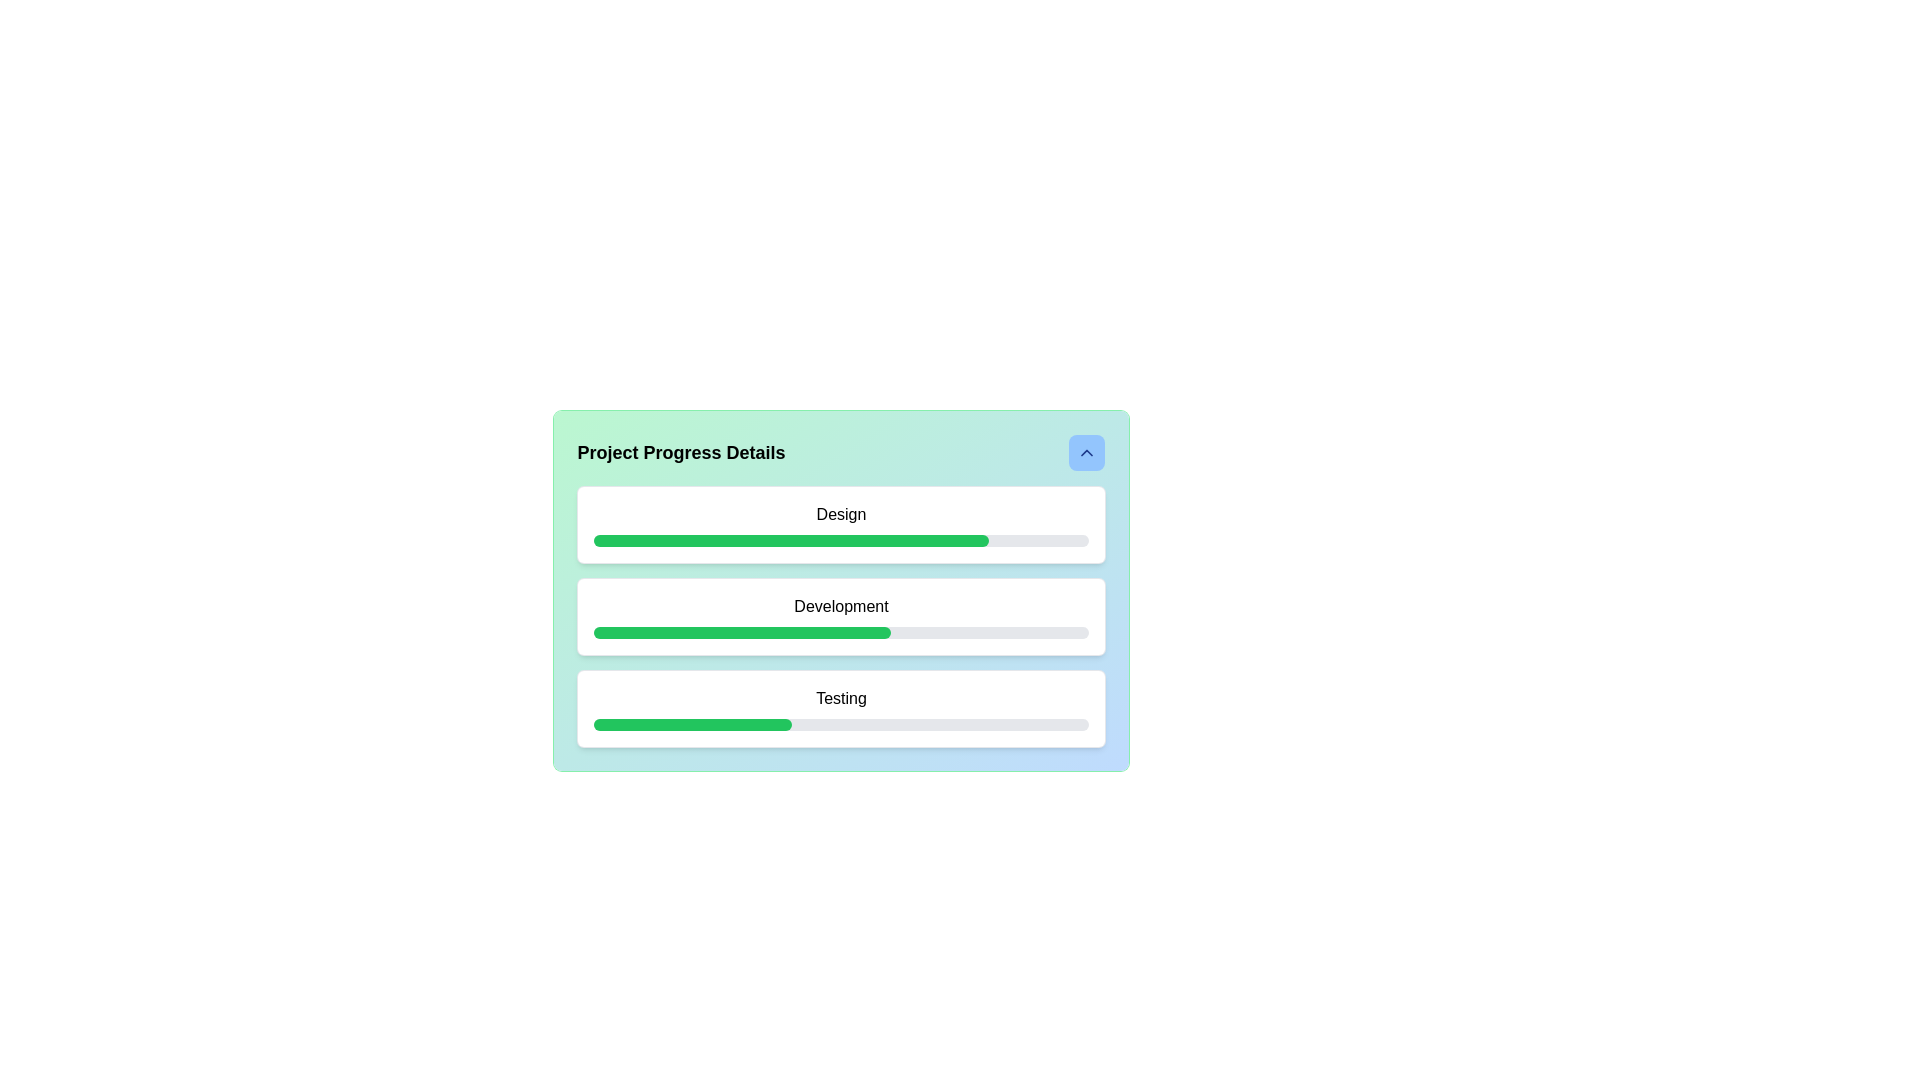 This screenshot has height=1078, width=1917. I want to click on the green progress bar inside the gray background bar labeled 'Testing', which indicates 40% completion and is the third progress bar in the vertical list of the 'Project Progress Details.', so click(692, 724).